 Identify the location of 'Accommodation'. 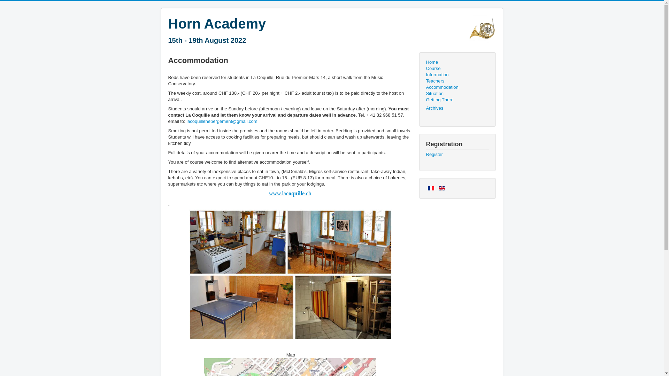
(457, 87).